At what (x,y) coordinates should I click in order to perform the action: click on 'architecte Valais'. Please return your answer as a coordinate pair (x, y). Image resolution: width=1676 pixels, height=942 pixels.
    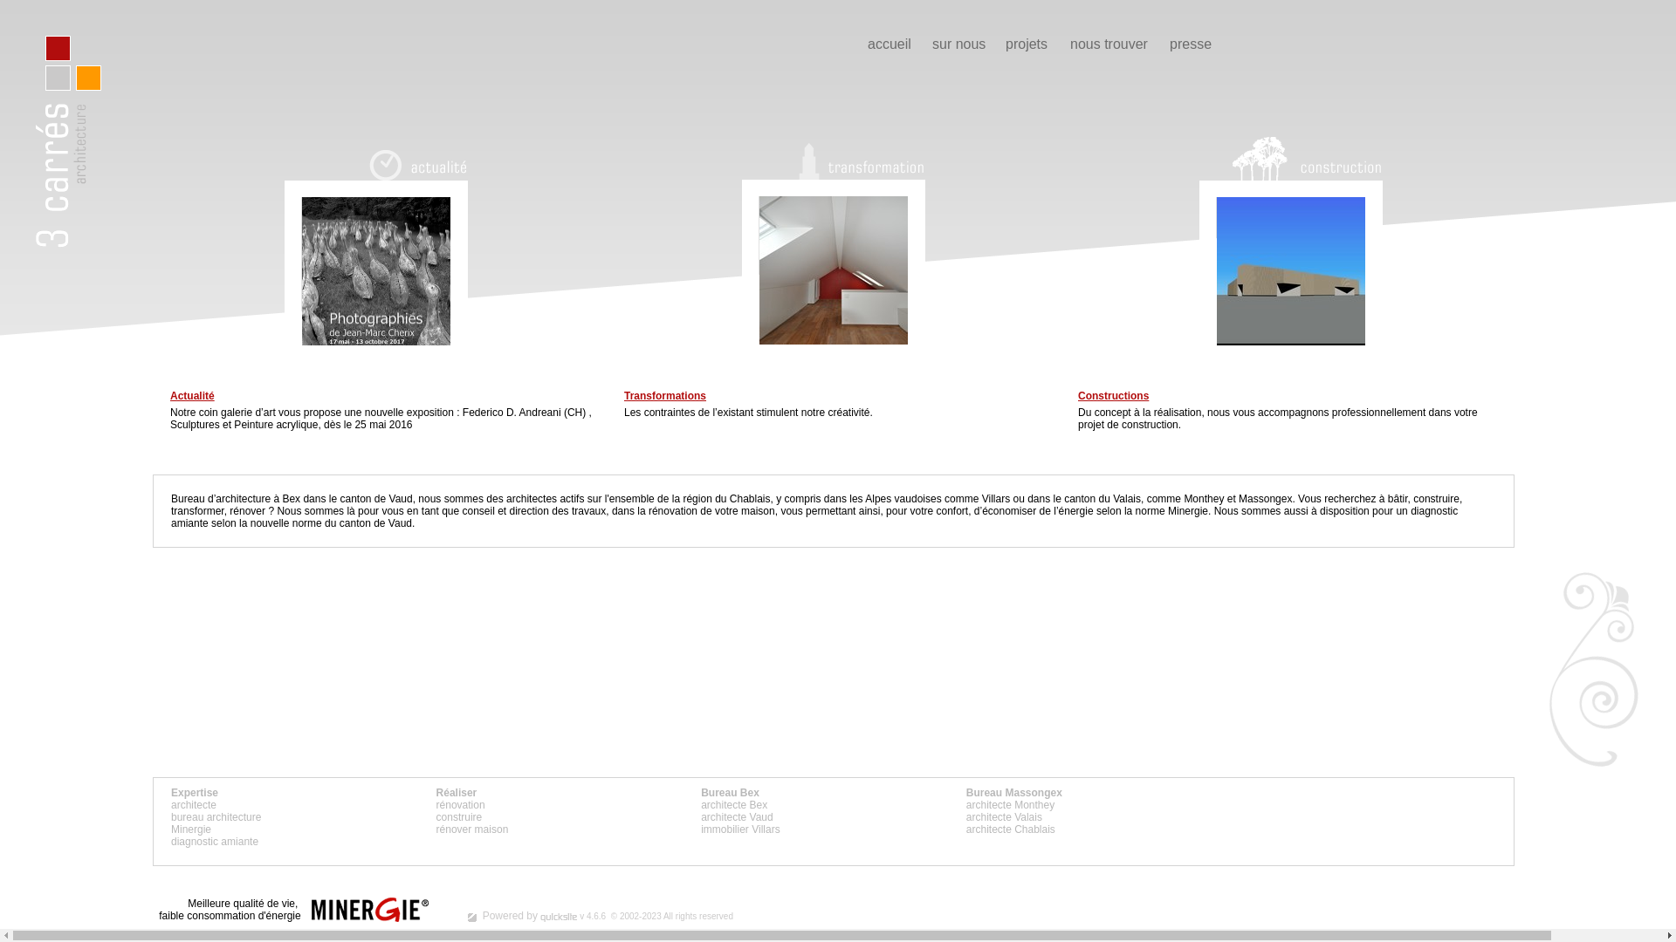
    Looking at the image, I should click on (1004, 817).